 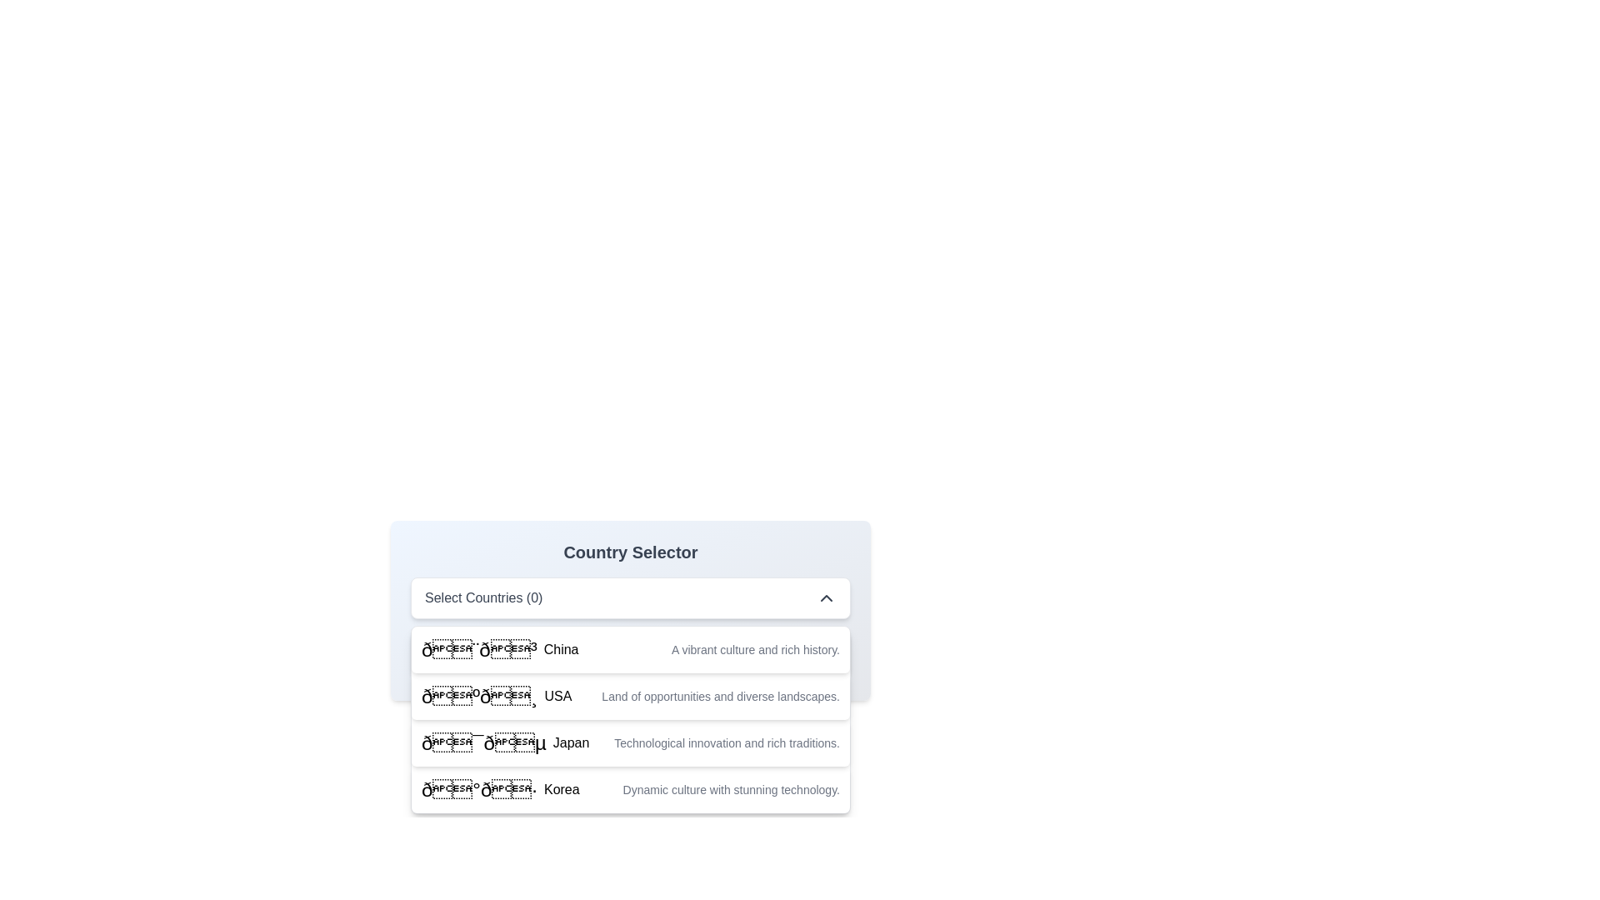 What do you see at coordinates (499, 648) in the screenshot?
I see `the selectable option for 'China' in the dropdown menu` at bounding box center [499, 648].